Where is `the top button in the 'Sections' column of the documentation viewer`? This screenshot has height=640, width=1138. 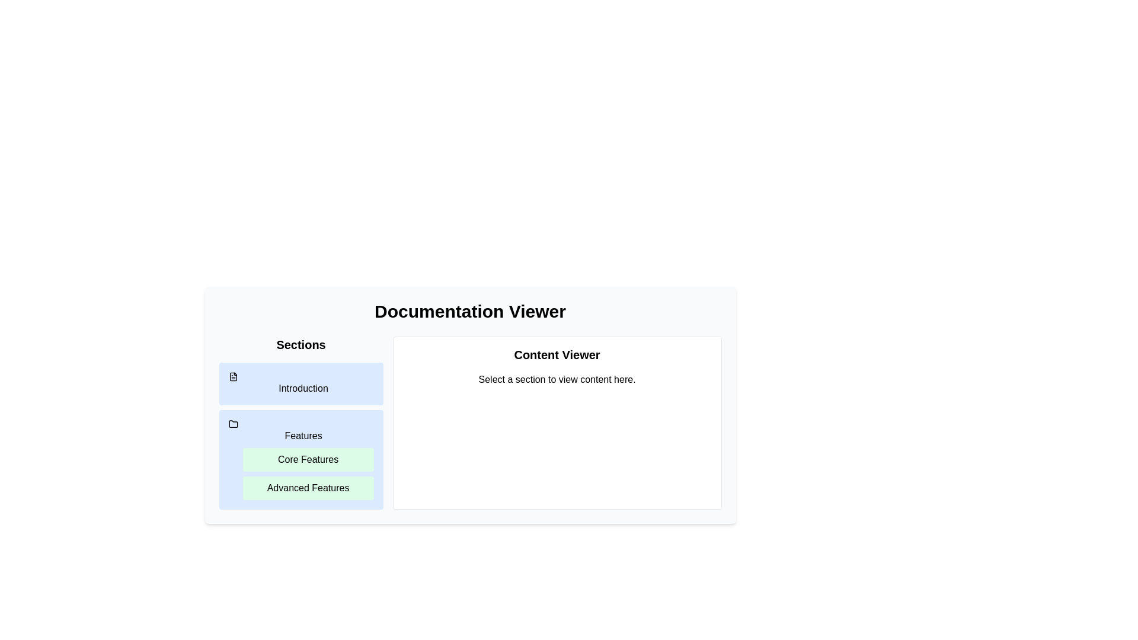
the top button in the 'Sections' column of the documentation viewer is located at coordinates (301, 384).